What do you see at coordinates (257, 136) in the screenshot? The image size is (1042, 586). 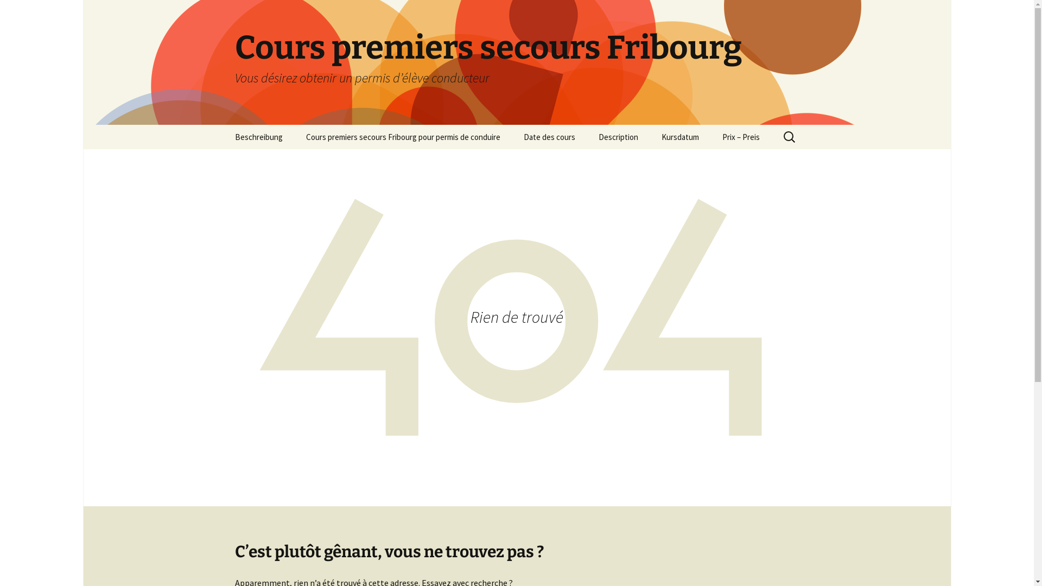 I see `'Beschreibung'` at bounding box center [257, 136].